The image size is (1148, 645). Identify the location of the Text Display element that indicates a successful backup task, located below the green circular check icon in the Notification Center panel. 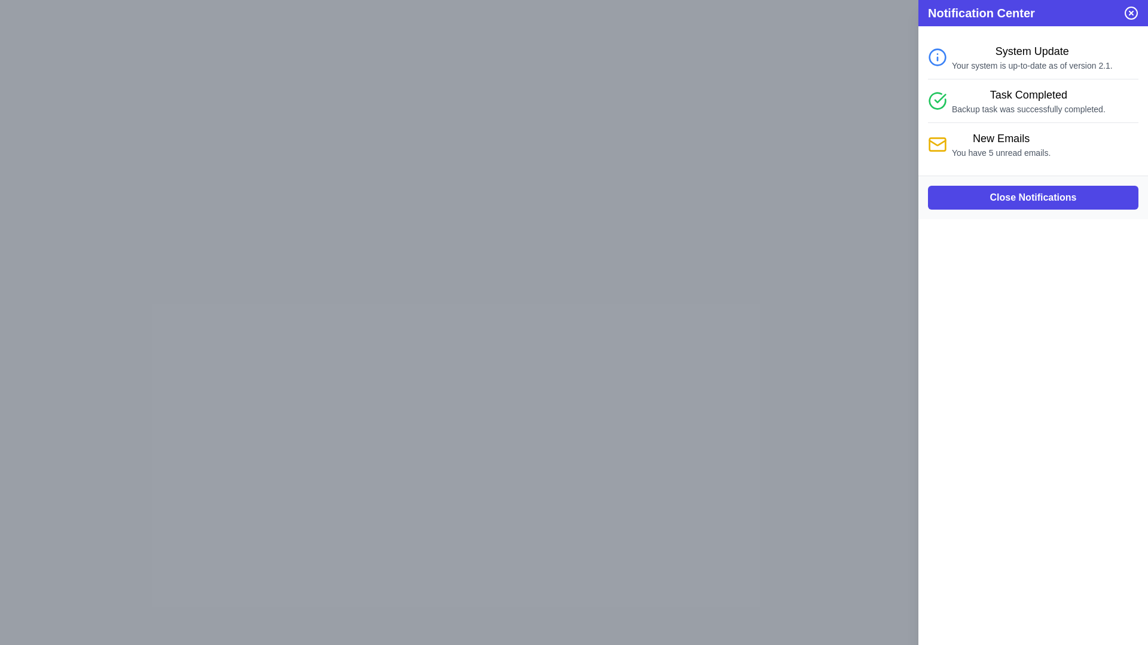
(1028, 100).